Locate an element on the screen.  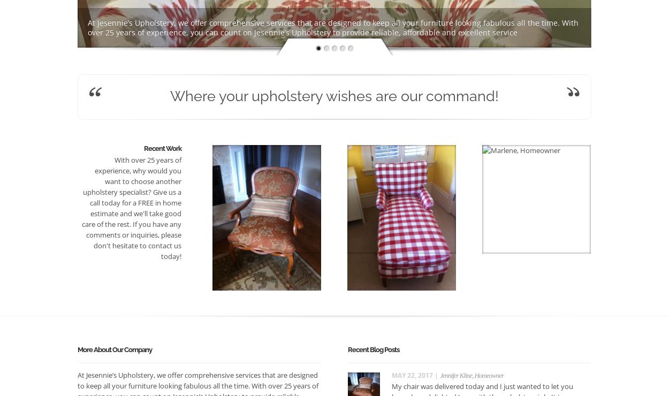
'Recent Work' is located at coordinates (163, 148).